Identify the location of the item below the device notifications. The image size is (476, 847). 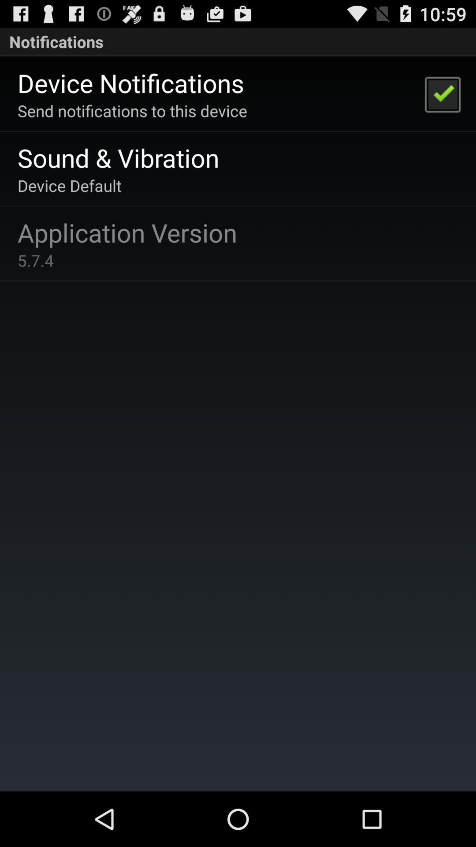
(132, 110).